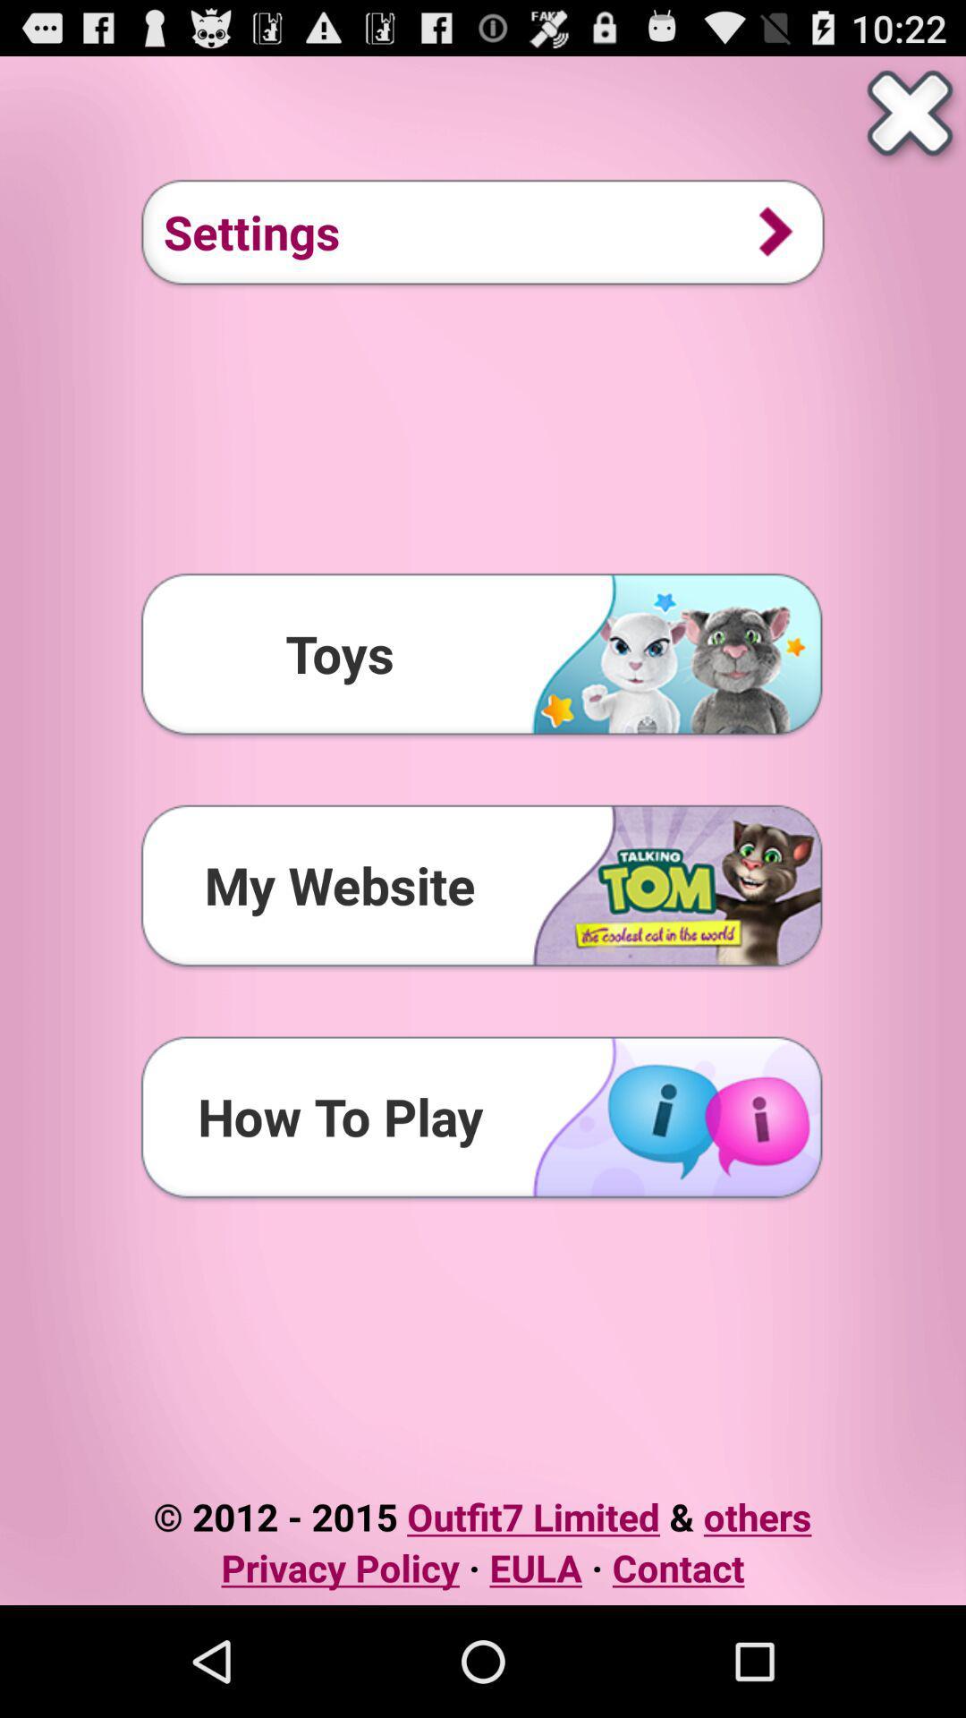  I want to click on item below 2012 2015 outfit7, so click(483, 1567).